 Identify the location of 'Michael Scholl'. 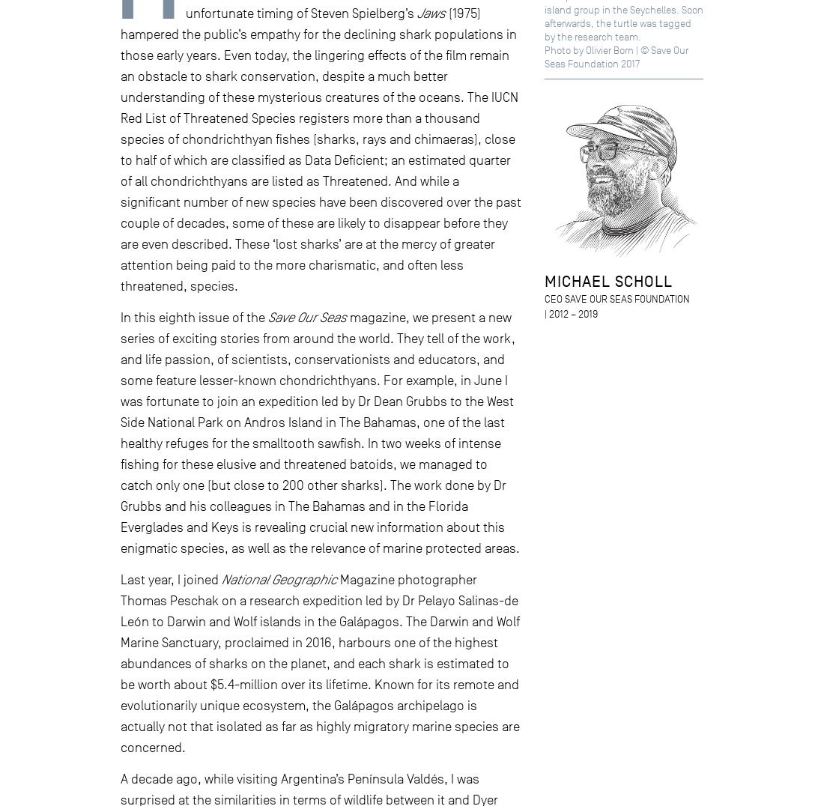
(608, 279).